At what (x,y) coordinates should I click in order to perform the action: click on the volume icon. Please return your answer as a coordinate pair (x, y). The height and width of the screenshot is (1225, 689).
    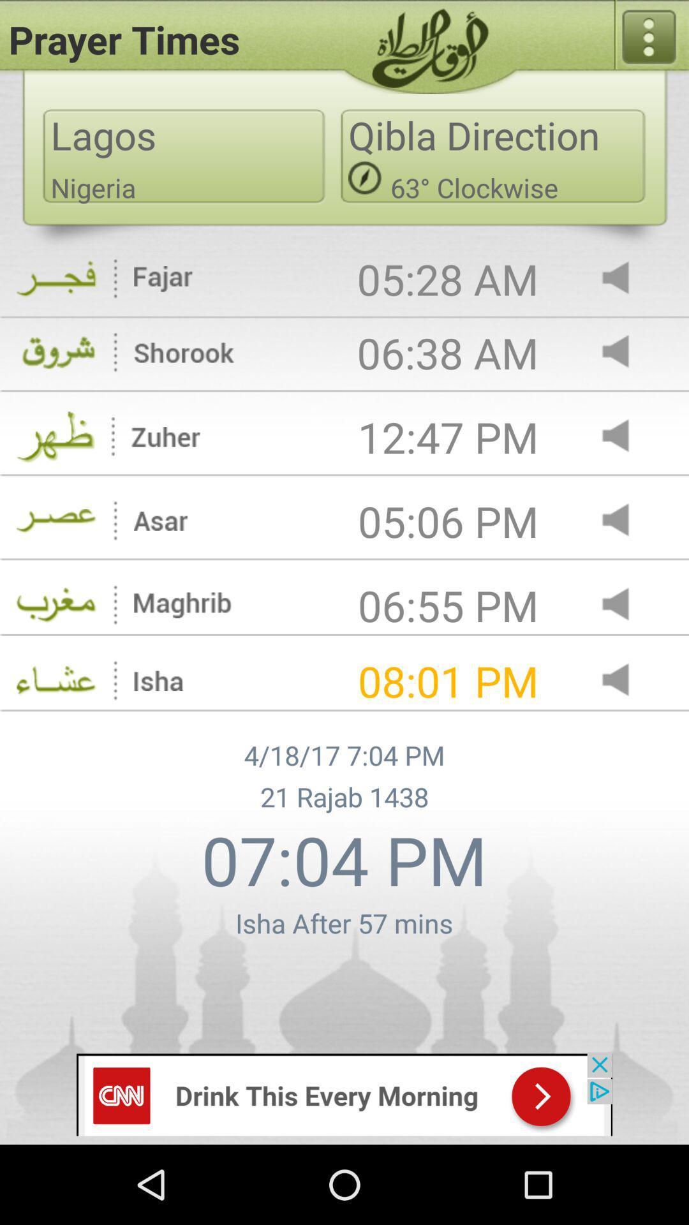
    Looking at the image, I should click on (626, 729).